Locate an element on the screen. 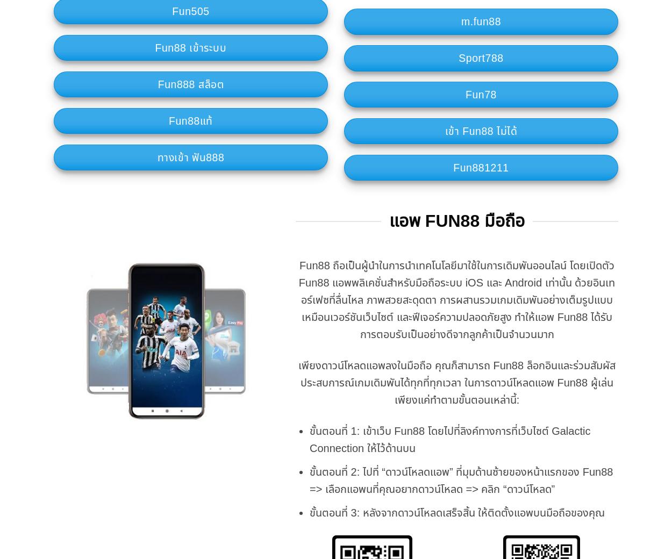 This screenshot has height=559, width=672. 'แอพ Fun88 มือถือ' is located at coordinates (456, 220).